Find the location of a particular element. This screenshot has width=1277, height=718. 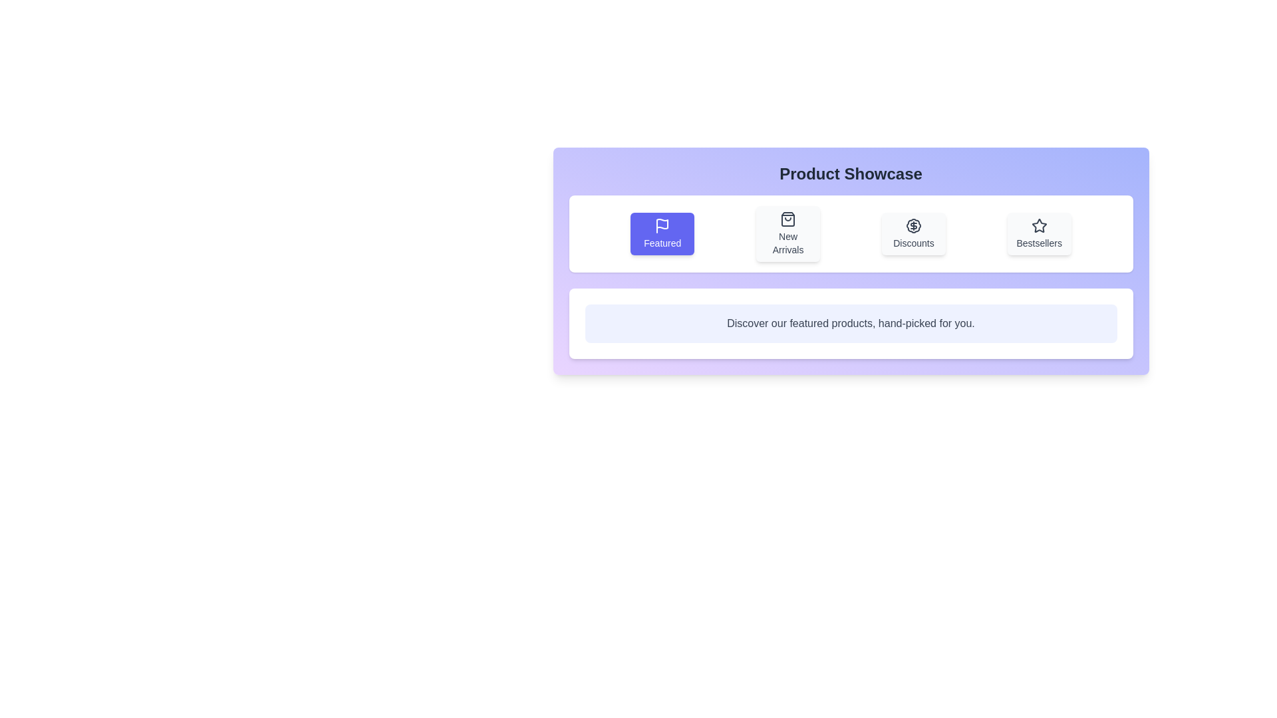

the 'Discounts' text label located centrally beneath the icon graphic in the 'Discounts' section is located at coordinates (913, 243).